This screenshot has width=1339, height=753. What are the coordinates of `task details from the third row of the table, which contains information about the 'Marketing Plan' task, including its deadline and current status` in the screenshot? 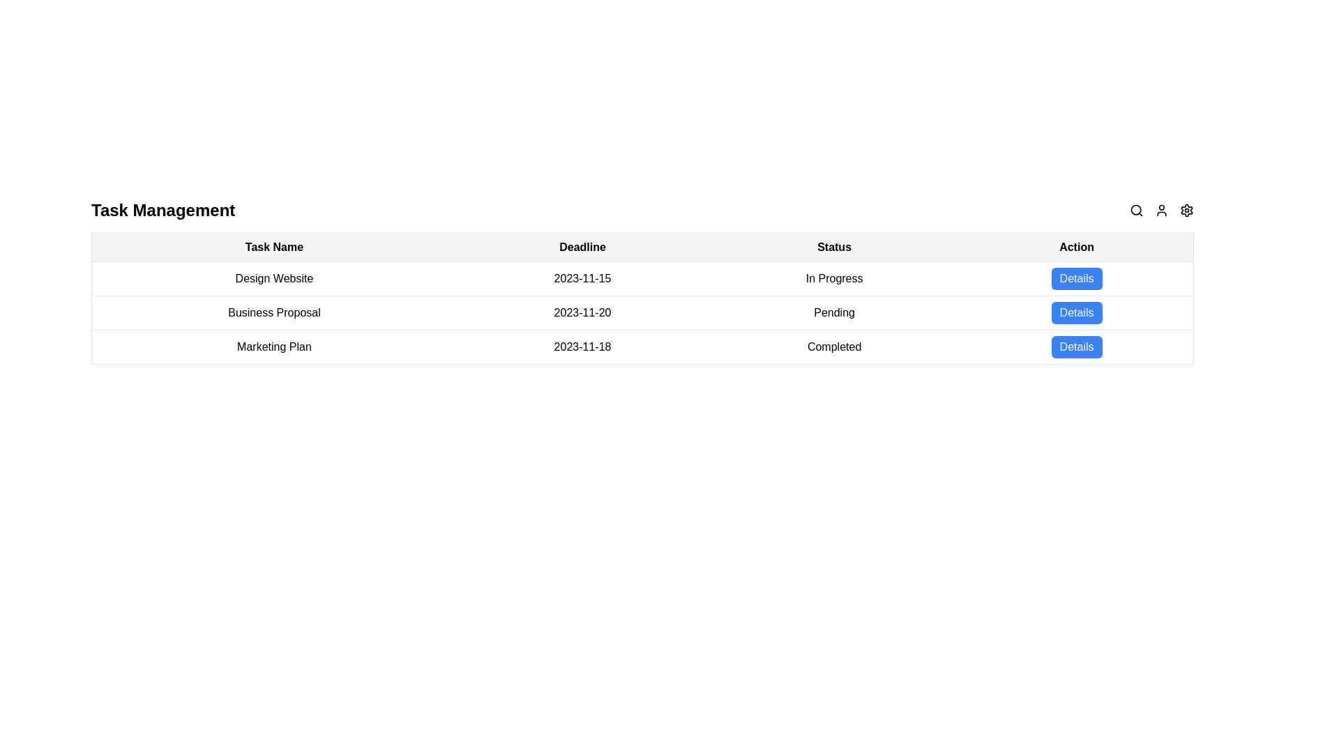 It's located at (642, 346).